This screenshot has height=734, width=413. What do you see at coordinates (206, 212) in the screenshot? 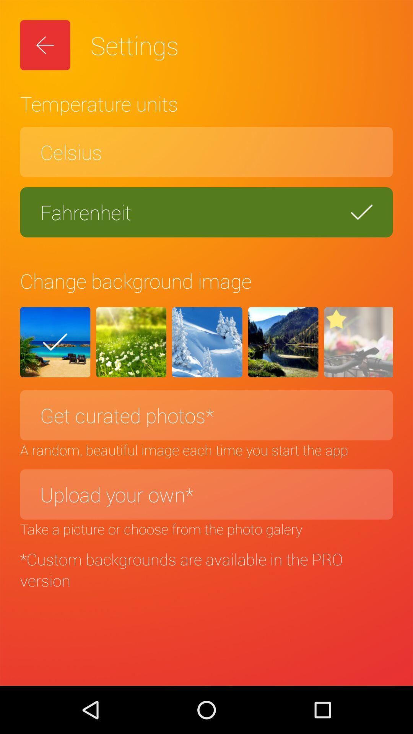
I see `the fahrenheit icon` at bounding box center [206, 212].